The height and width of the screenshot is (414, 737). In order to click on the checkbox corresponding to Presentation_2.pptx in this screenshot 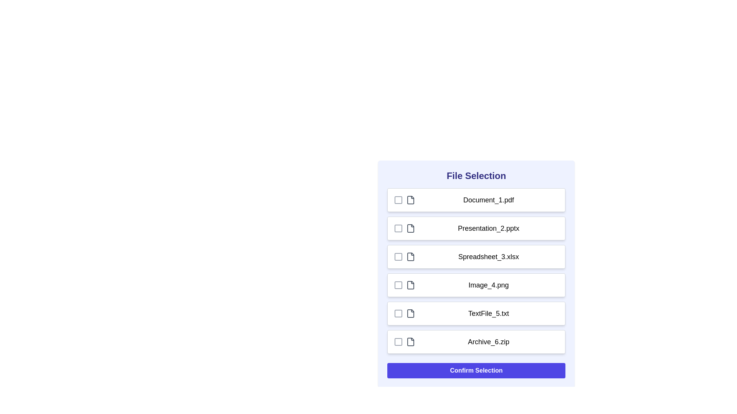, I will do `click(398, 228)`.